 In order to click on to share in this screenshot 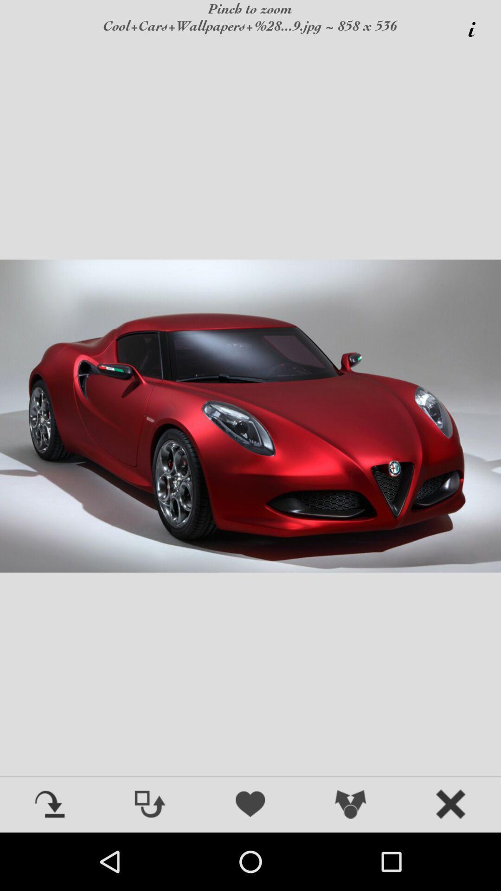, I will do `click(351, 805)`.